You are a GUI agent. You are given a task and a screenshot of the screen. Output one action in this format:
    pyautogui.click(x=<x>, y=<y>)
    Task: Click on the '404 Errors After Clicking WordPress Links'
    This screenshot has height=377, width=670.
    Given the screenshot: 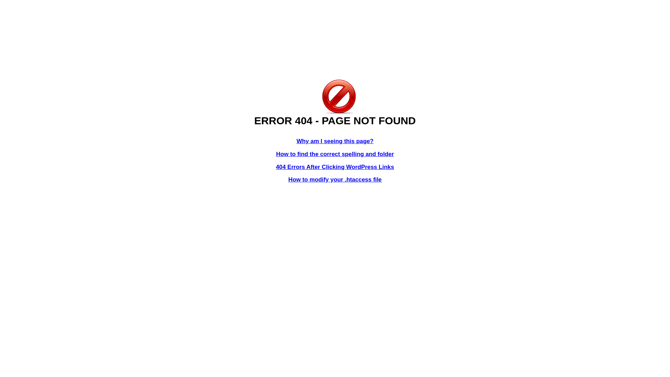 What is the action you would take?
    pyautogui.click(x=335, y=167)
    